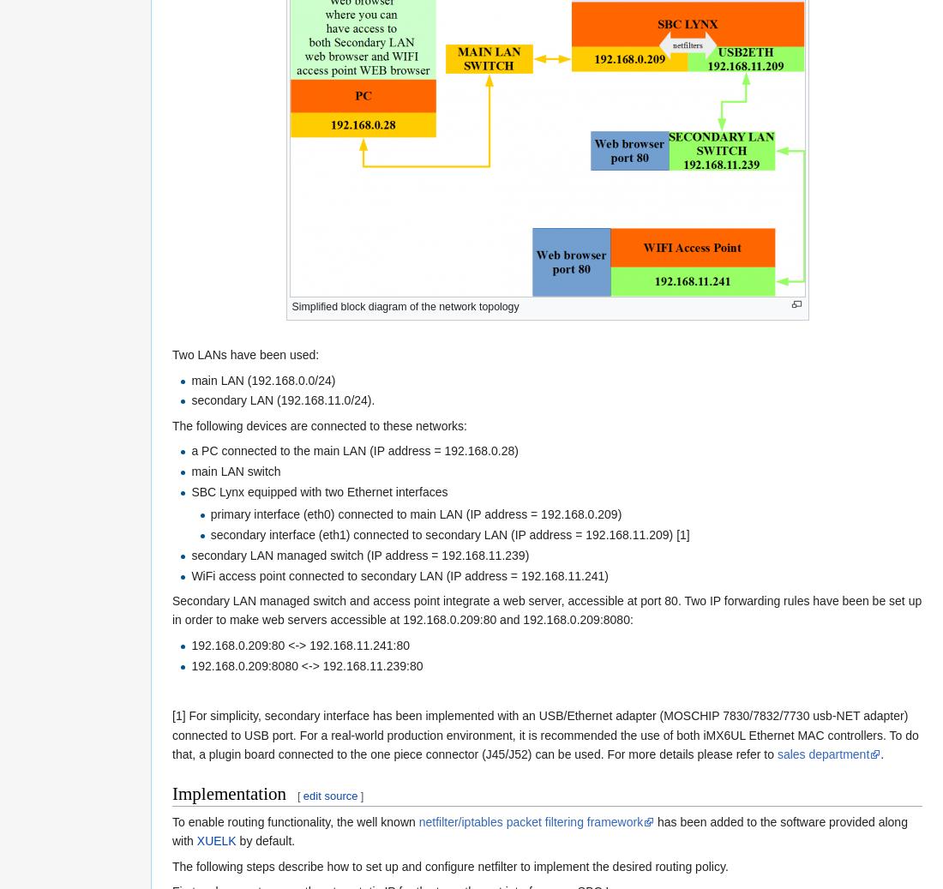  What do you see at coordinates (539, 831) in the screenshot?
I see `'has been added to the software provided along with'` at bounding box center [539, 831].